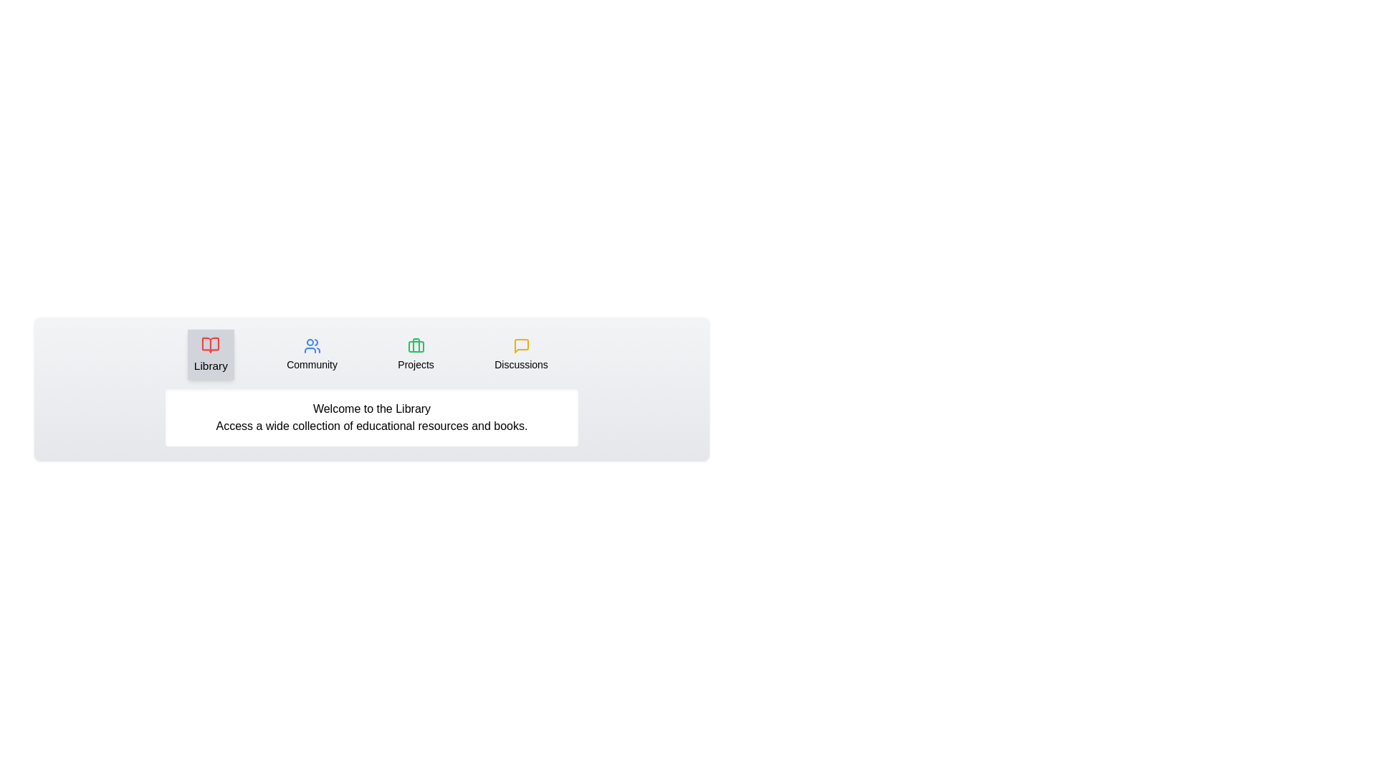  What do you see at coordinates (311, 345) in the screenshot?
I see `the 'Community' icon located in the second tab of the horizontal menu, positioned above the text label 'Community'` at bounding box center [311, 345].